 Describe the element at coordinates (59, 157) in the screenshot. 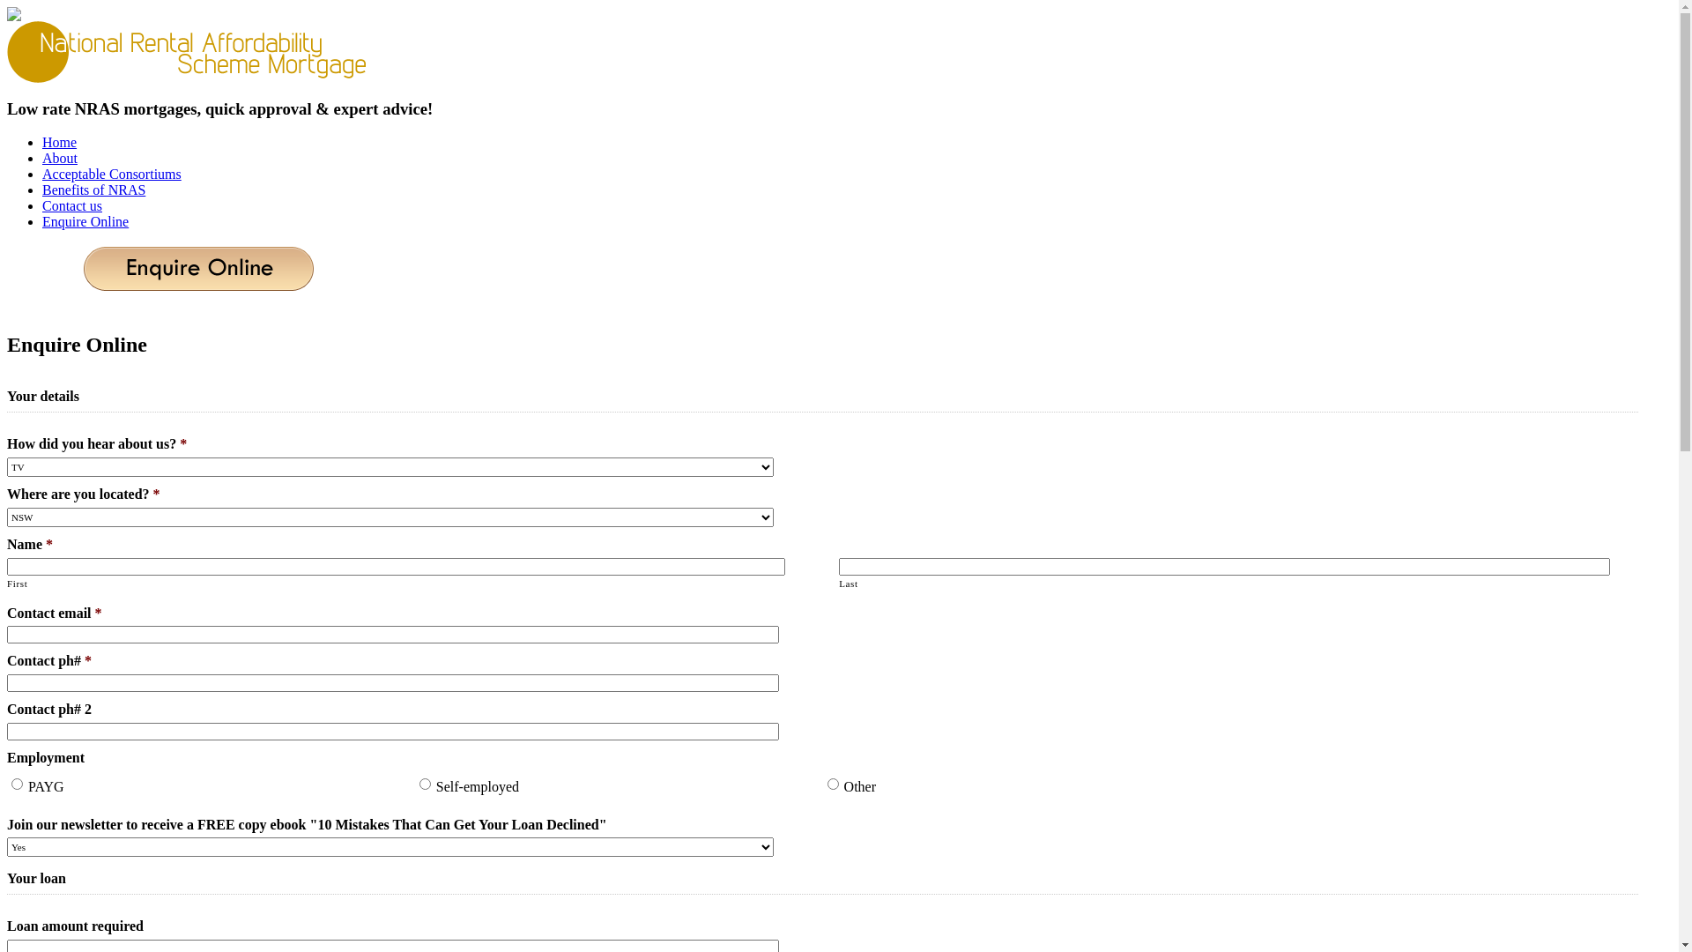

I see `'About'` at that location.